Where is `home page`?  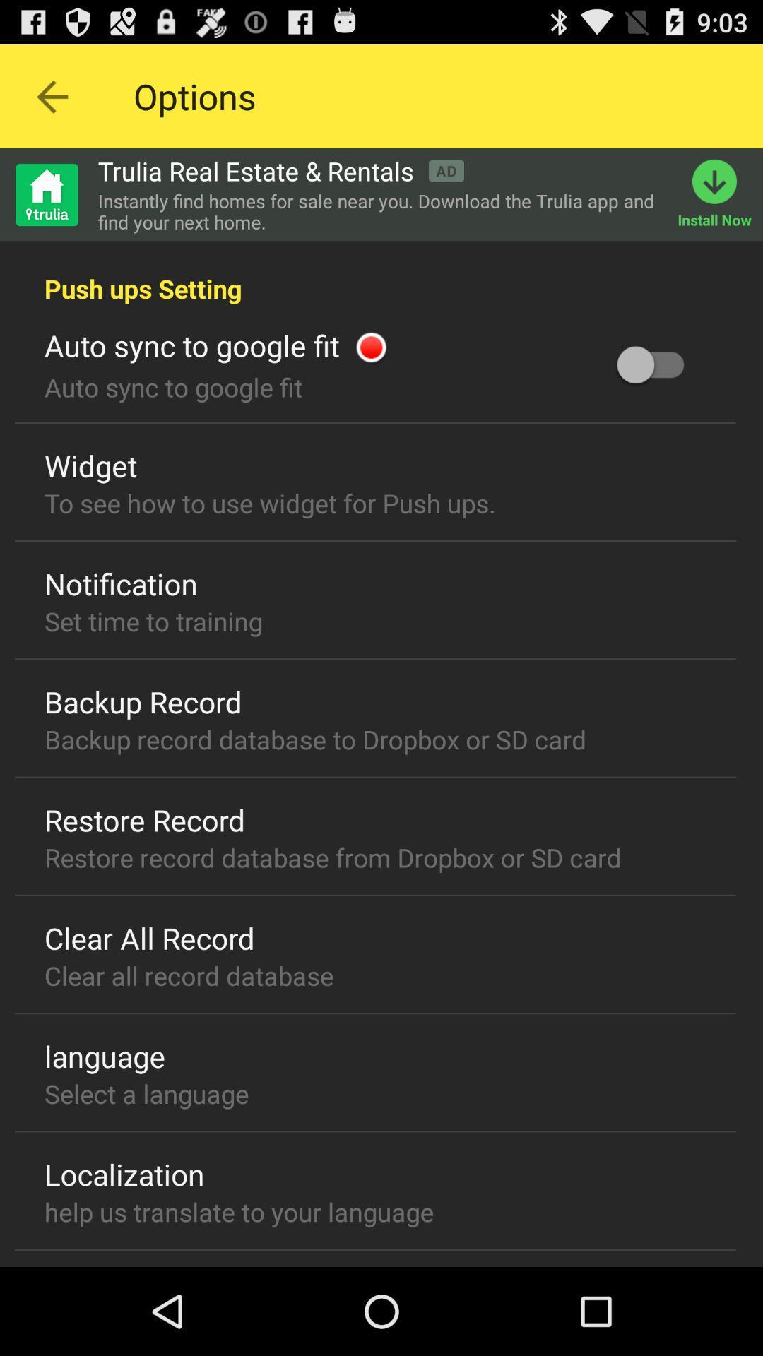
home page is located at coordinates (45, 194).